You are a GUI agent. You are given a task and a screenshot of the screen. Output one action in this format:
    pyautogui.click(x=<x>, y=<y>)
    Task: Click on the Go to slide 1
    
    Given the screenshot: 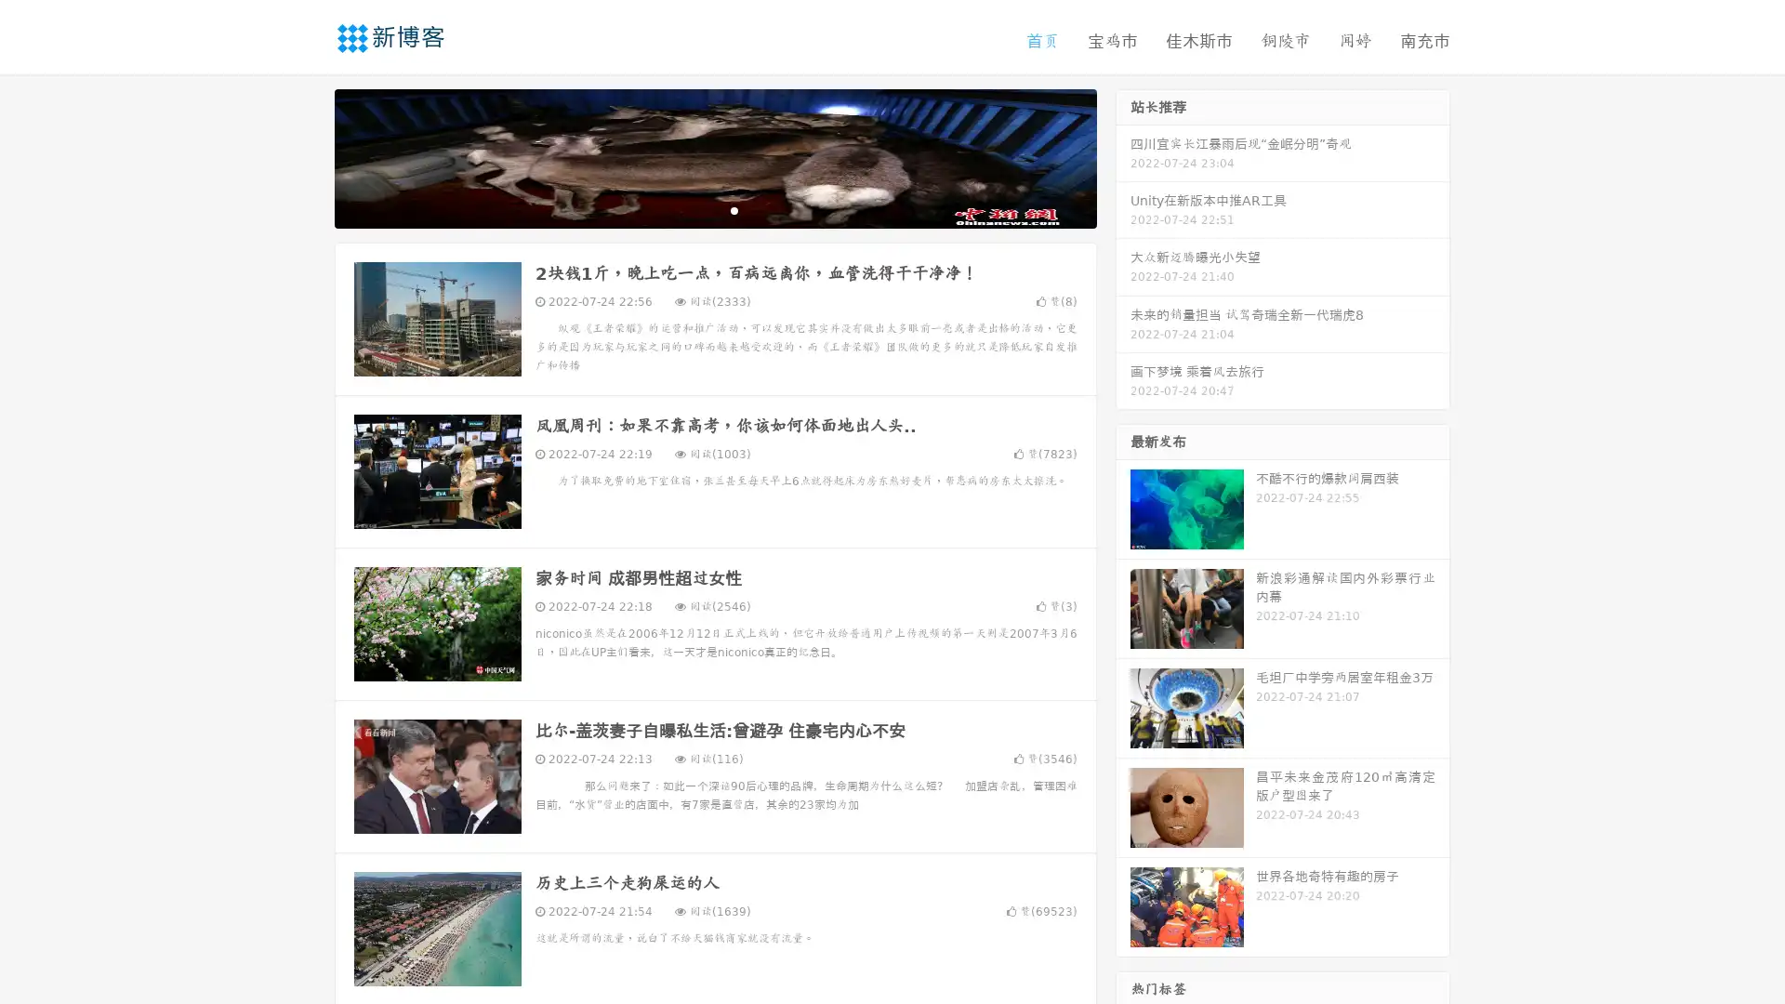 What is the action you would take?
    pyautogui.click(x=695, y=209)
    